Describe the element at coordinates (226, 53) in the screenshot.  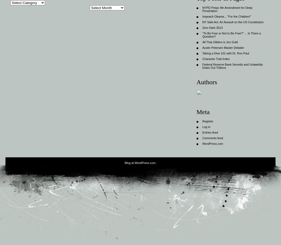
I see `'Taking a Dive 101 with Dr. Ron Paul'` at that location.